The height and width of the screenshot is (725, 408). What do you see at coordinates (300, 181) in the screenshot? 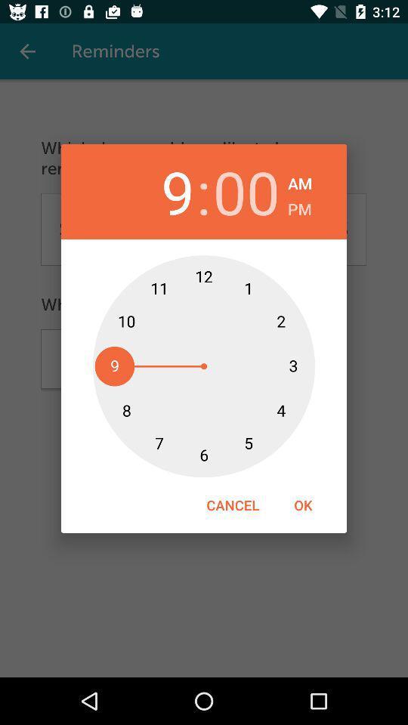
I see `icon above the pm` at bounding box center [300, 181].